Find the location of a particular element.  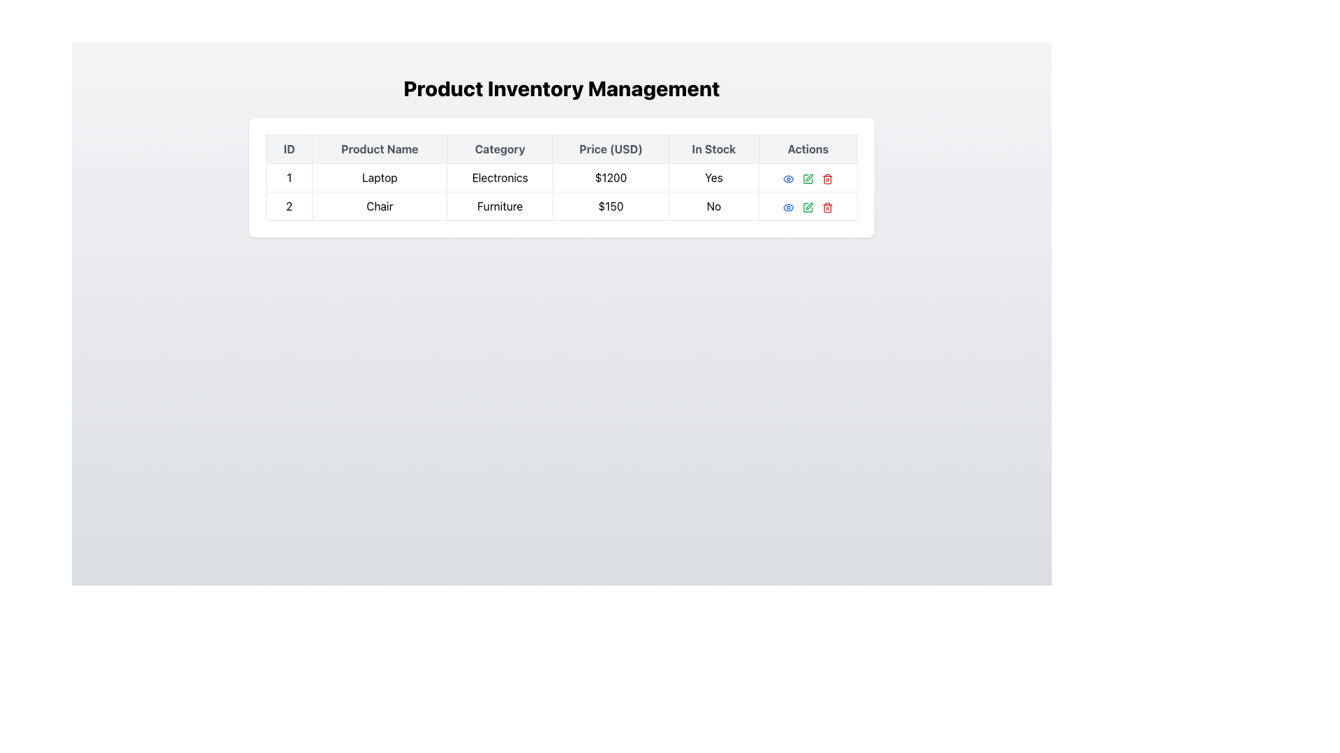

the green pencil icon button in the second row of the 'Actions' column is located at coordinates (810, 206).